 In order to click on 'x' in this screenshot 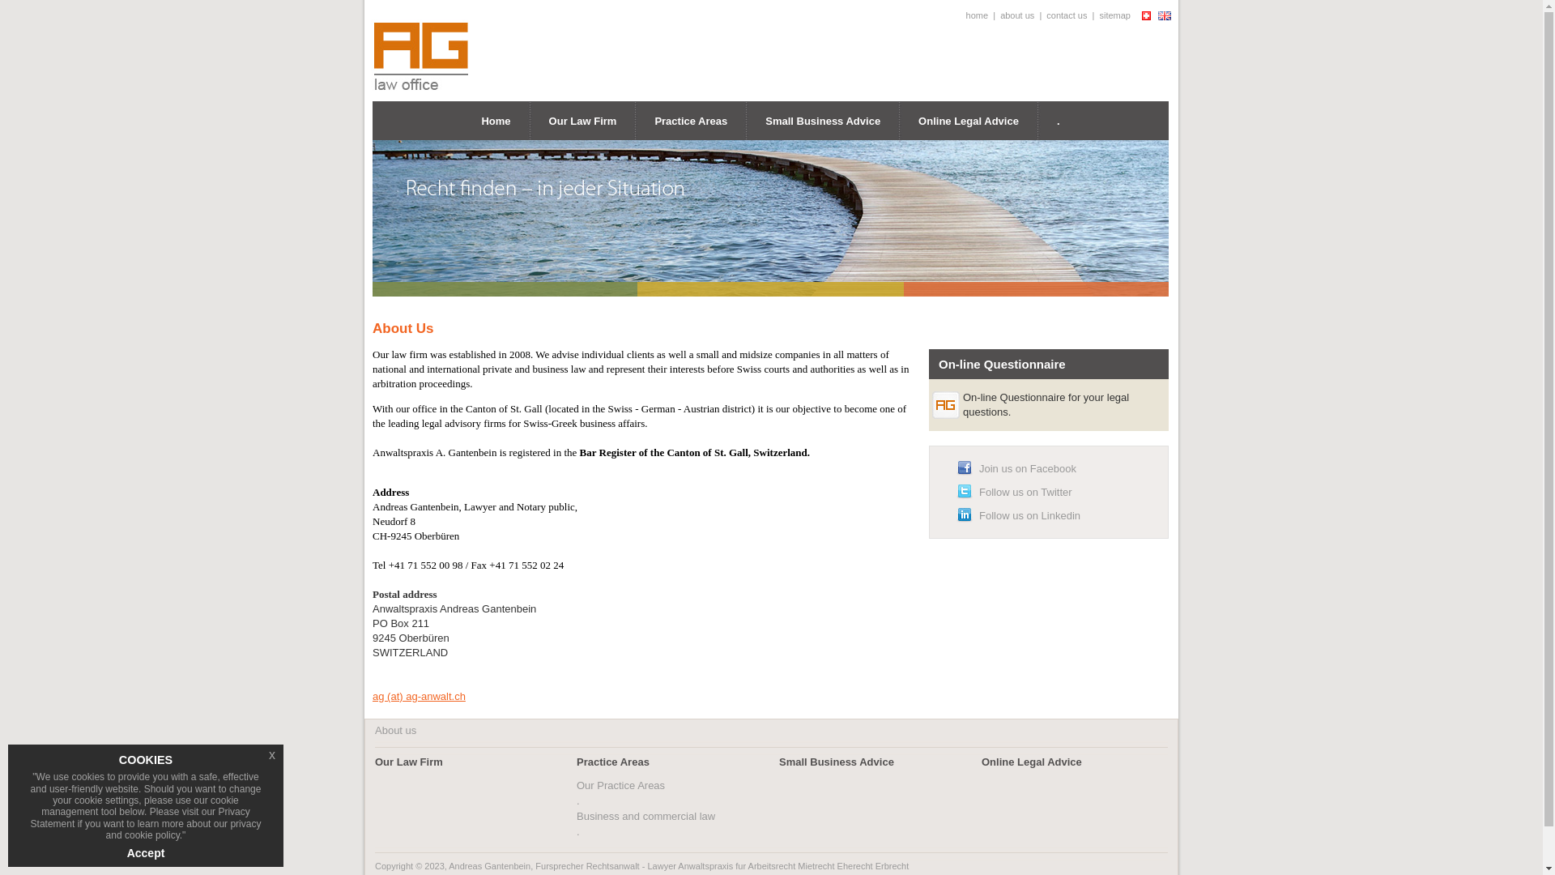, I will do `click(272, 755)`.